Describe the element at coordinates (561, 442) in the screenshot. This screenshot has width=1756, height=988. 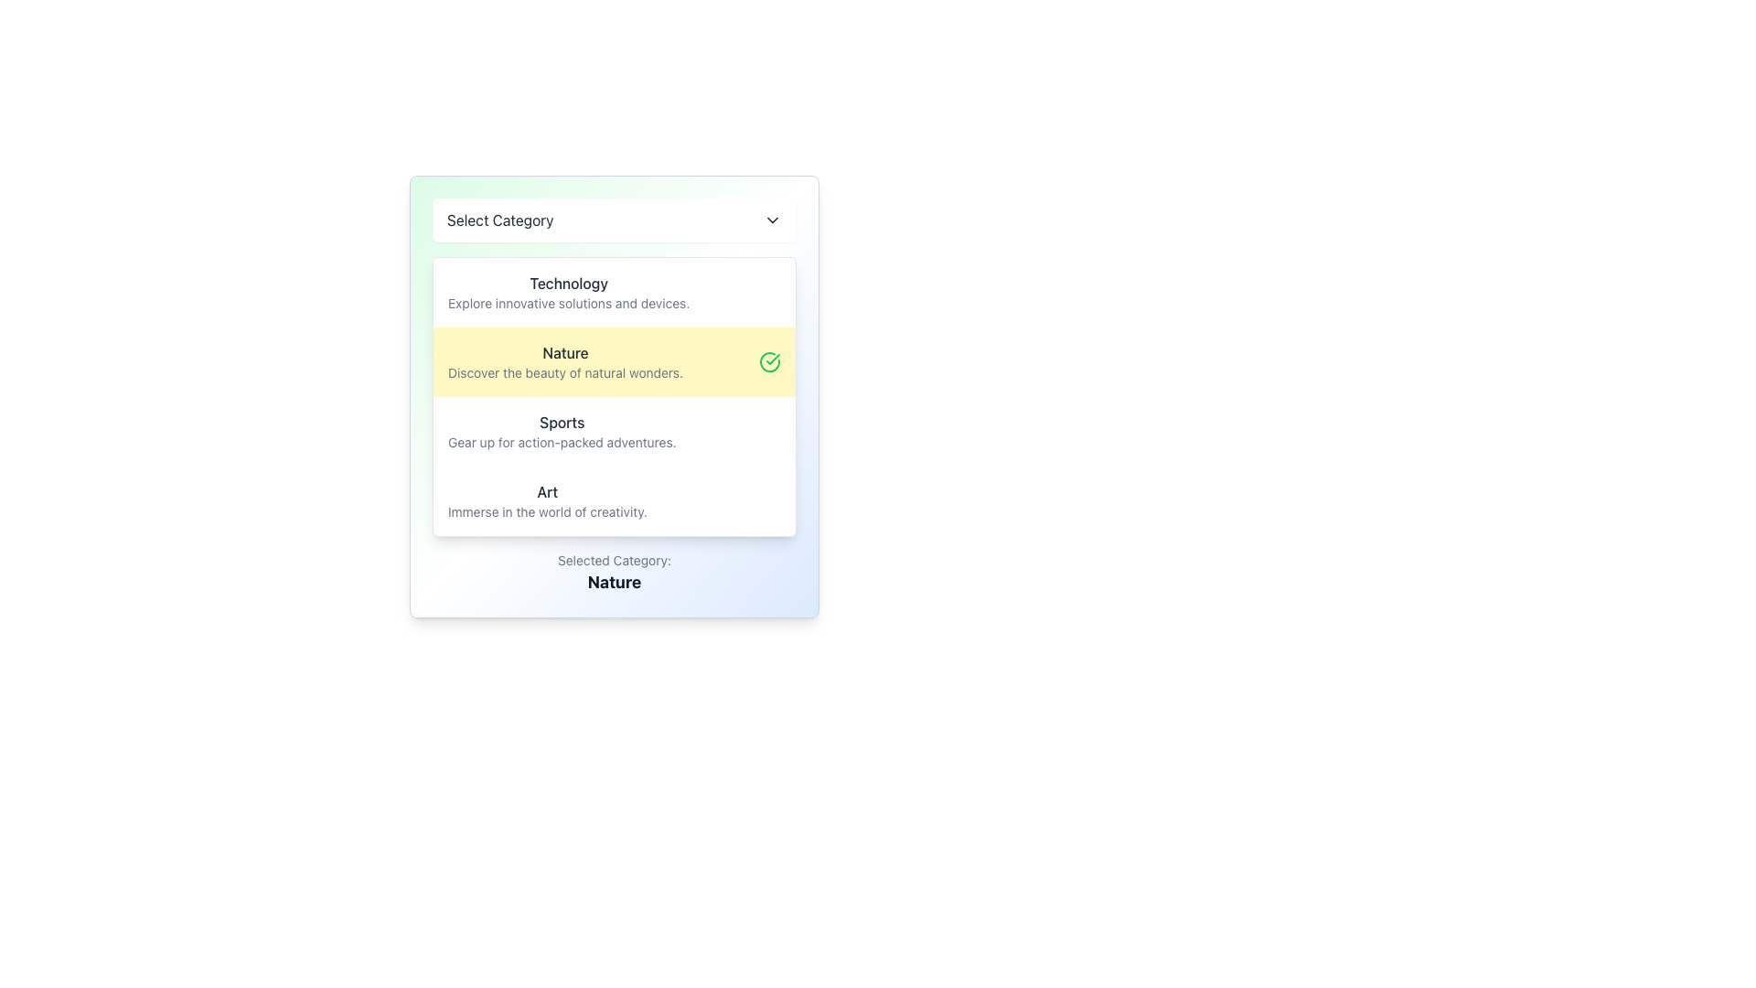
I see `the descriptive subtext for the 'Sports' category located beneath the 'Sports' text within the selectable panel in the middle of the interface` at that location.